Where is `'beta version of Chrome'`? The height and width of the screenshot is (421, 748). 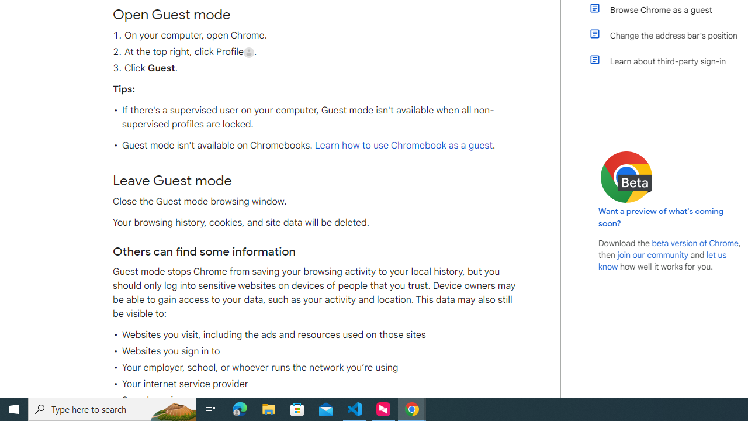 'beta version of Chrome' is located at coordinates (695, 242).